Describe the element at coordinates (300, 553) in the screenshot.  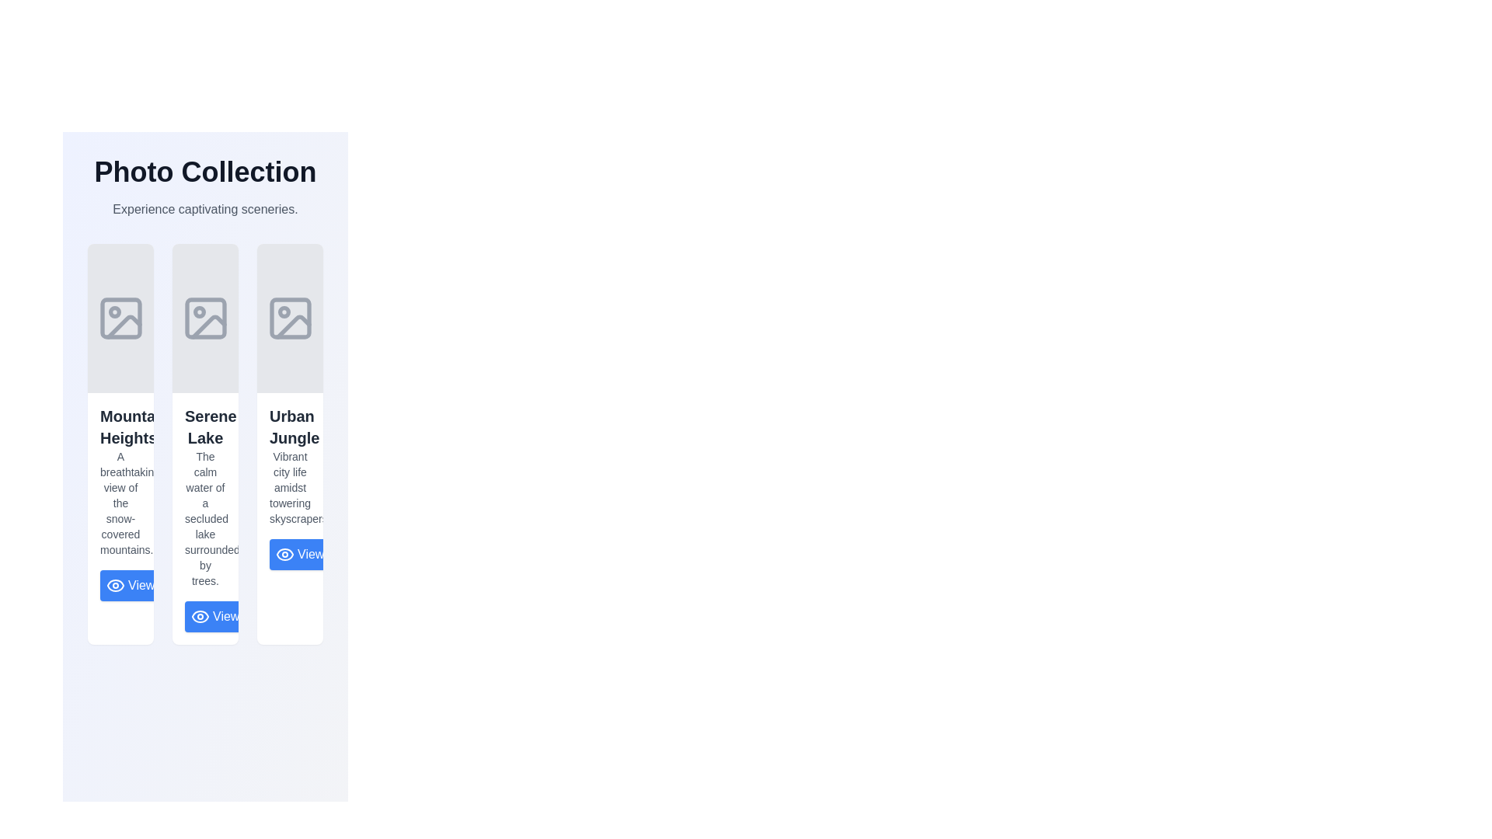
I see `the rounded rectangular button with a blue background and the text 'View'` at that location.